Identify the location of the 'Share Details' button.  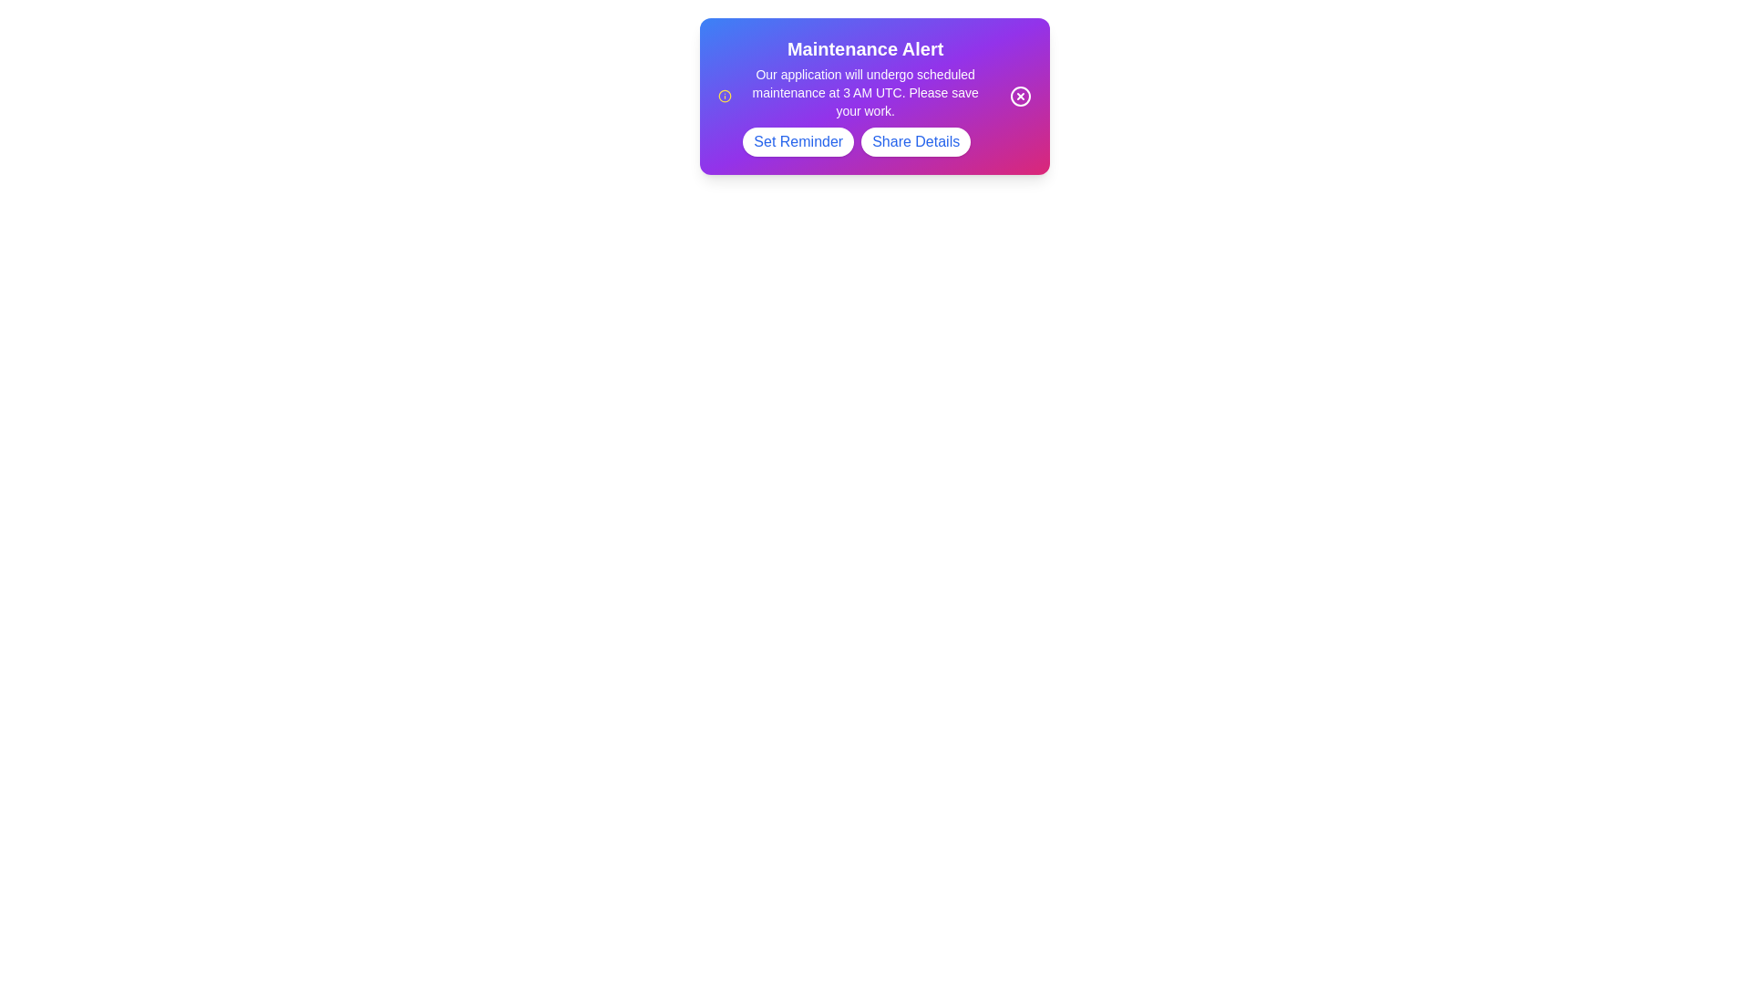
(915, 140).